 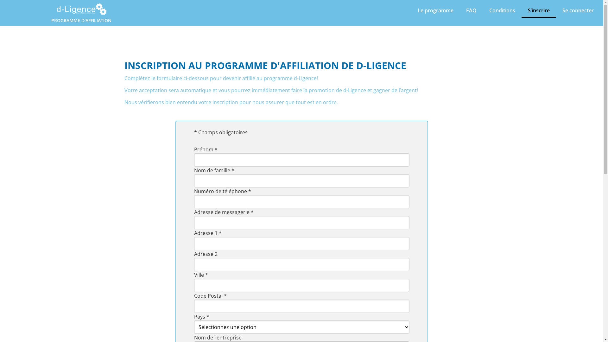 What do you see at coordinates (435, 10) in the screenshot?
I see `'Le programme'` at bounding box center [435, 10].